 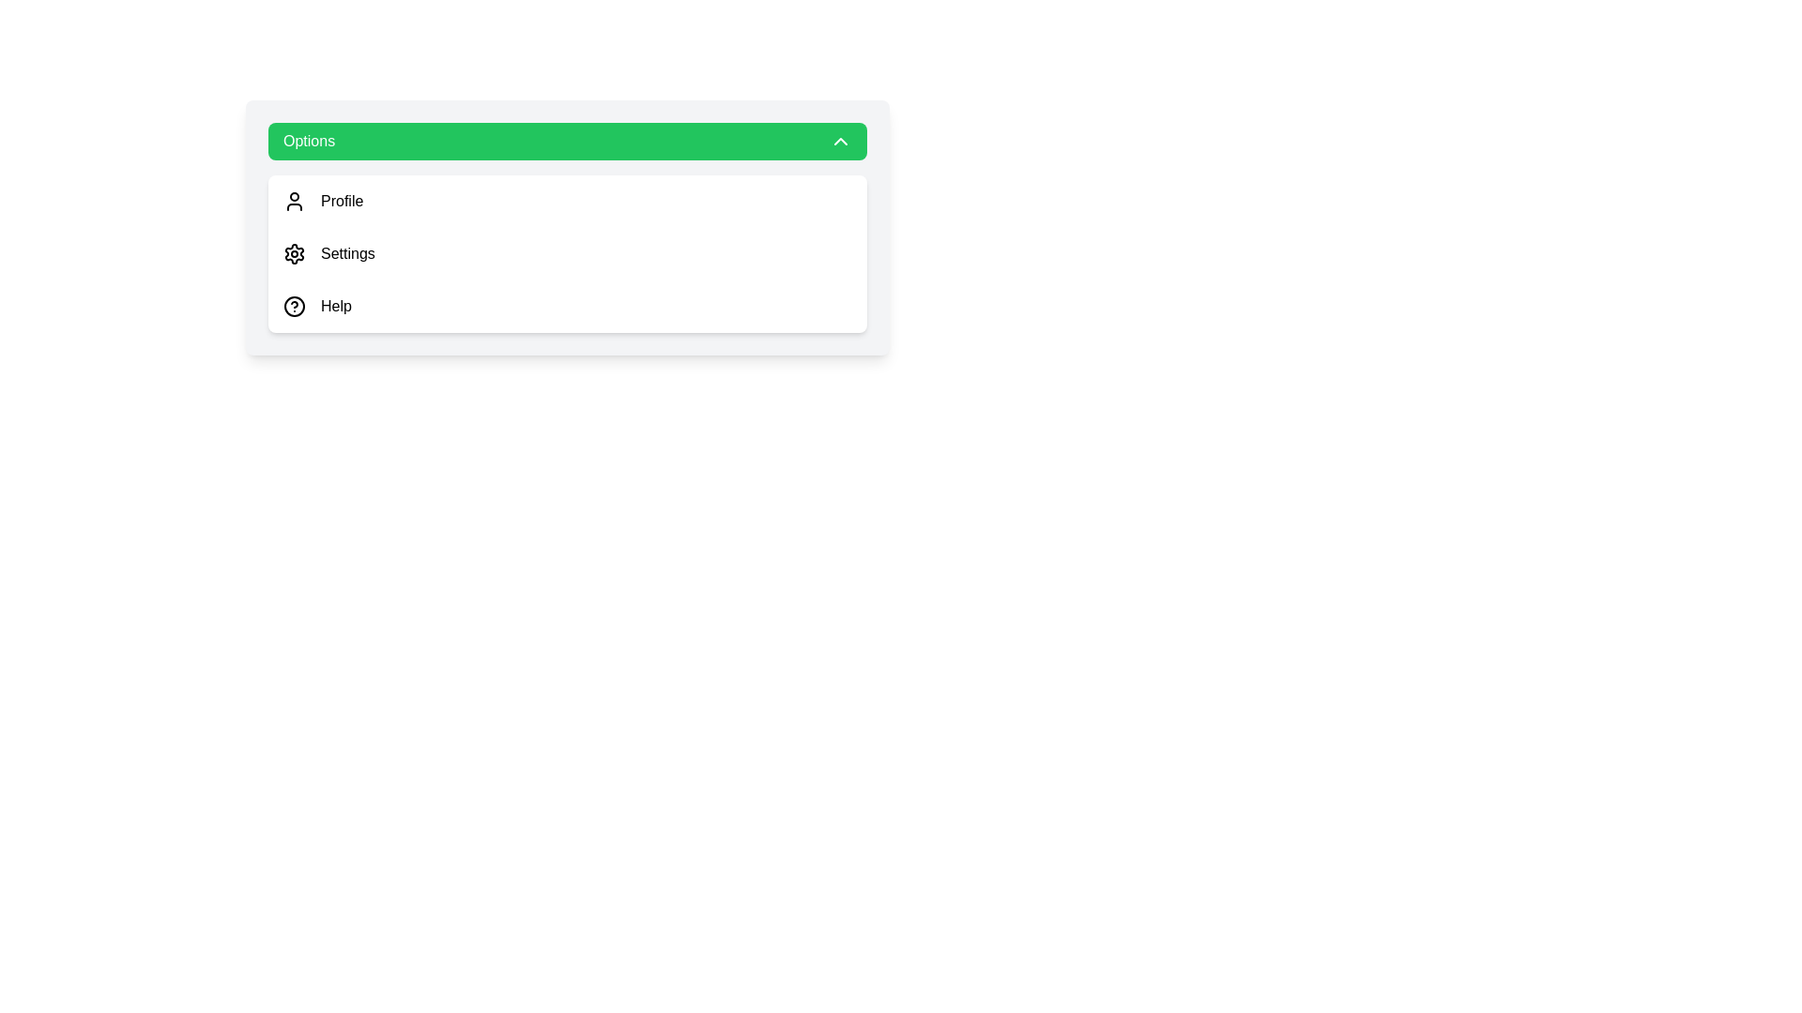 I want to click on the green rectangular 'Options' button with rounded corners, so click(x=566, y=140).